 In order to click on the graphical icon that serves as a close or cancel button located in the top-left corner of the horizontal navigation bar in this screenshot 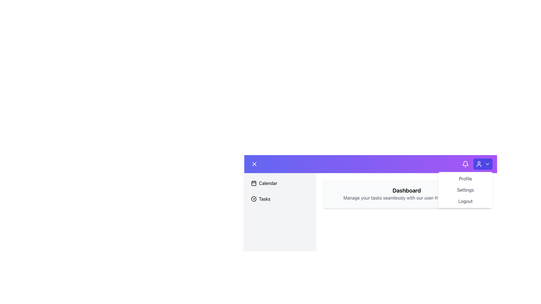, I will do `click(254, 164)`.